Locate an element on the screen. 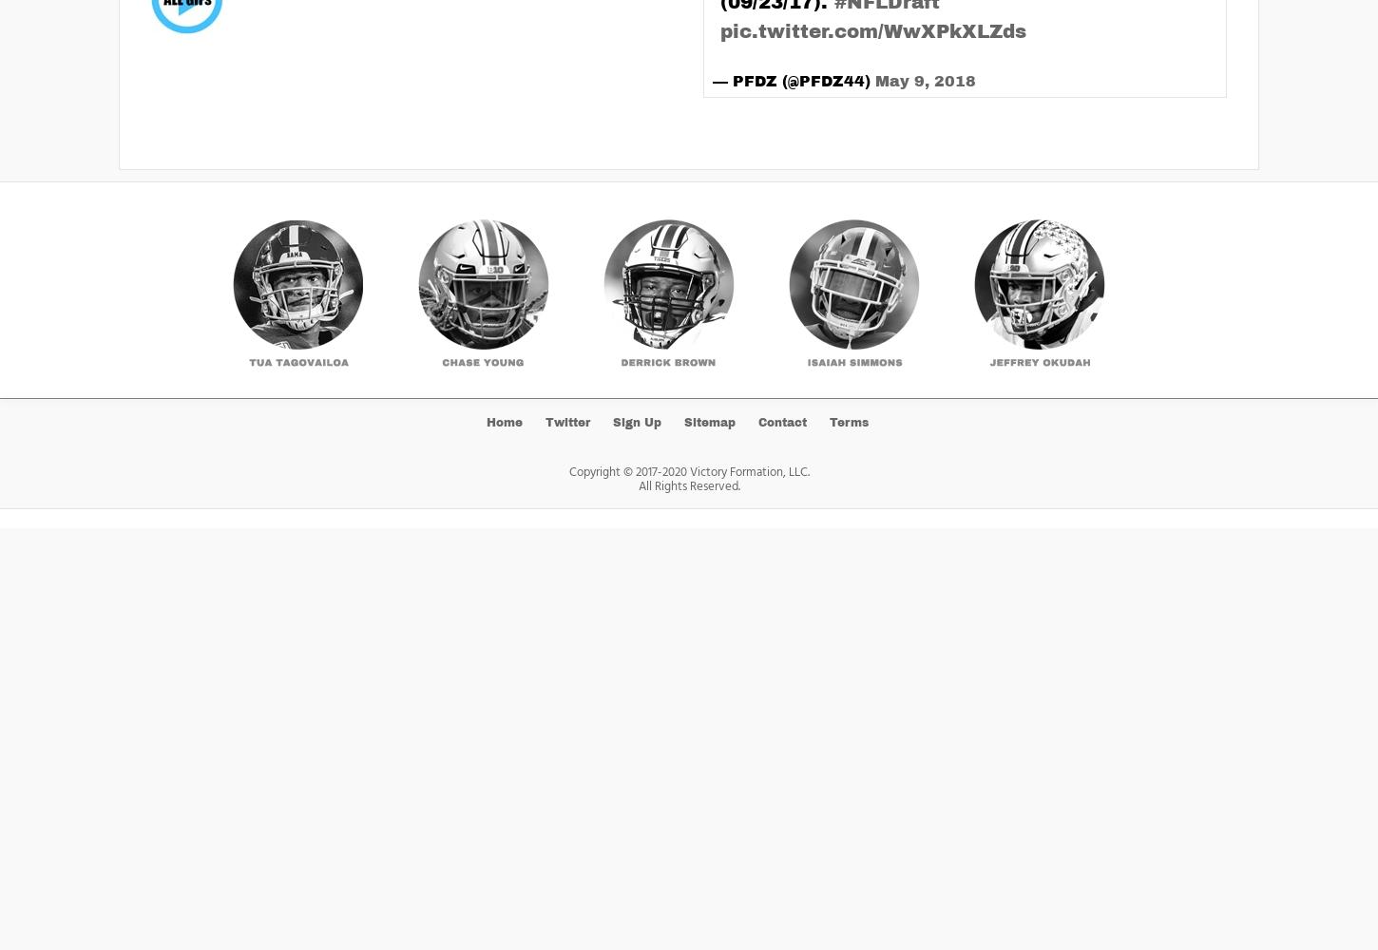 The height and width of the screenshot is (950, 1378). 'Terms' is located at coordinates (848, 421).